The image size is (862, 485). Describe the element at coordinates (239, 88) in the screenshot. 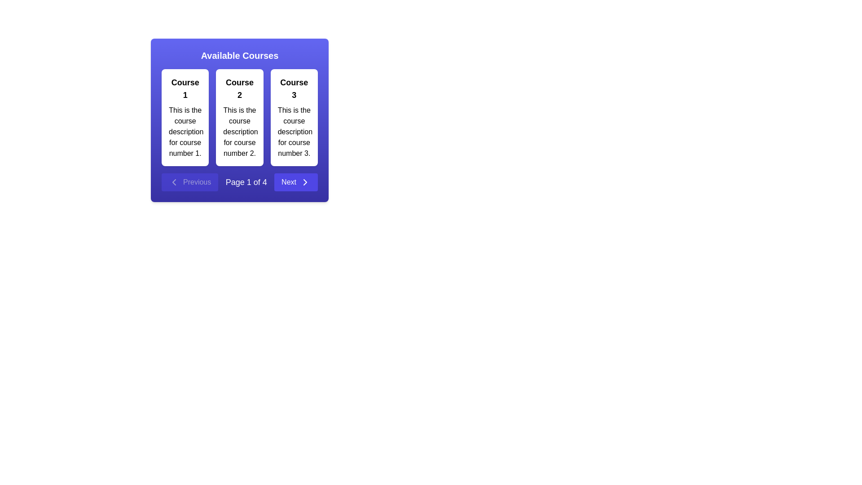

I see `the text label displaying 'Course 2'` at that location.